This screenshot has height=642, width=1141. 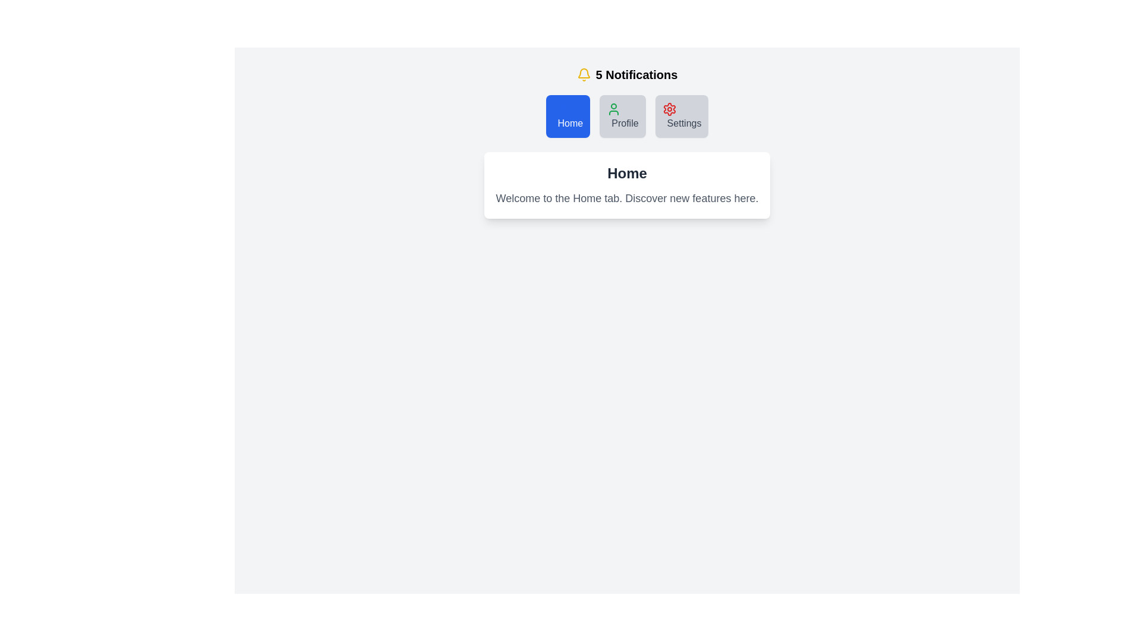 I want to click on the Settings tab by clicking its button, so click(x=682, y=117).